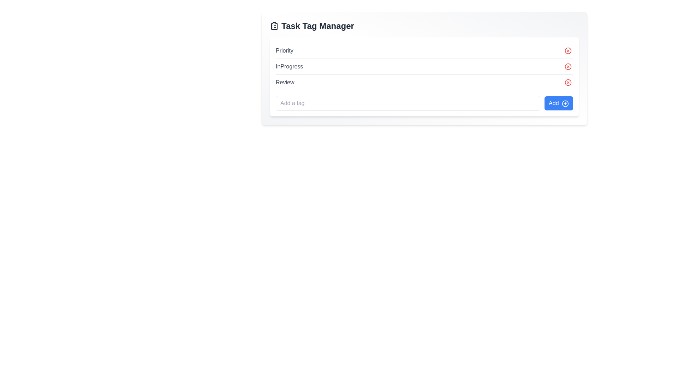 The height and width of the screenshot is (381, 678). What do you see at coordinates (424, 103) in the screenshot?
I see `the 'Add' button located at the bottom section of the 'Task Tag Manager' card` at bounding box center [424, 103].